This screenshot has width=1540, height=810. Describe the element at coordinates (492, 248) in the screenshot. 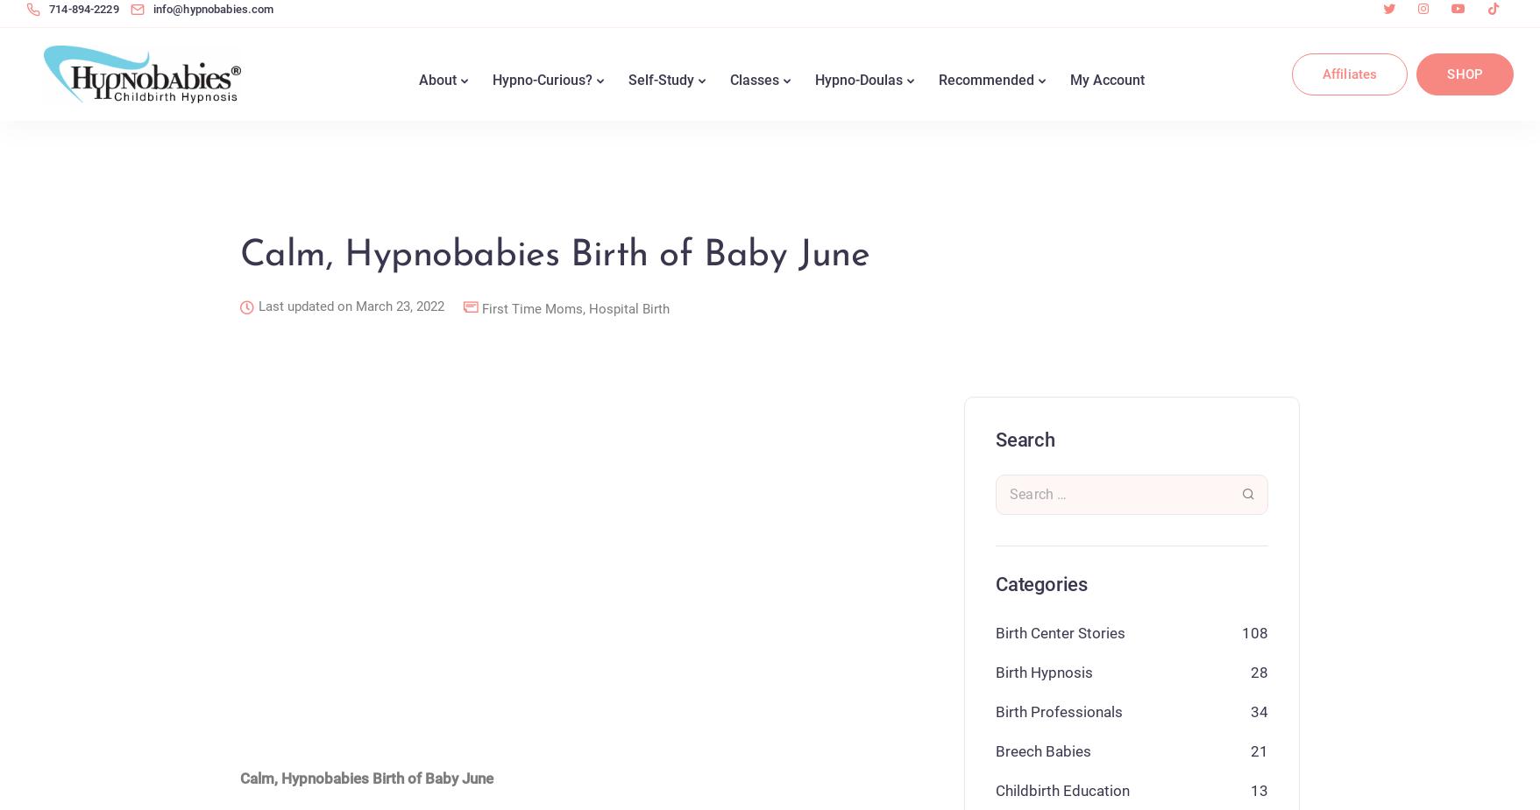

I see `'Hypnosis for Childbirth'` at that location.